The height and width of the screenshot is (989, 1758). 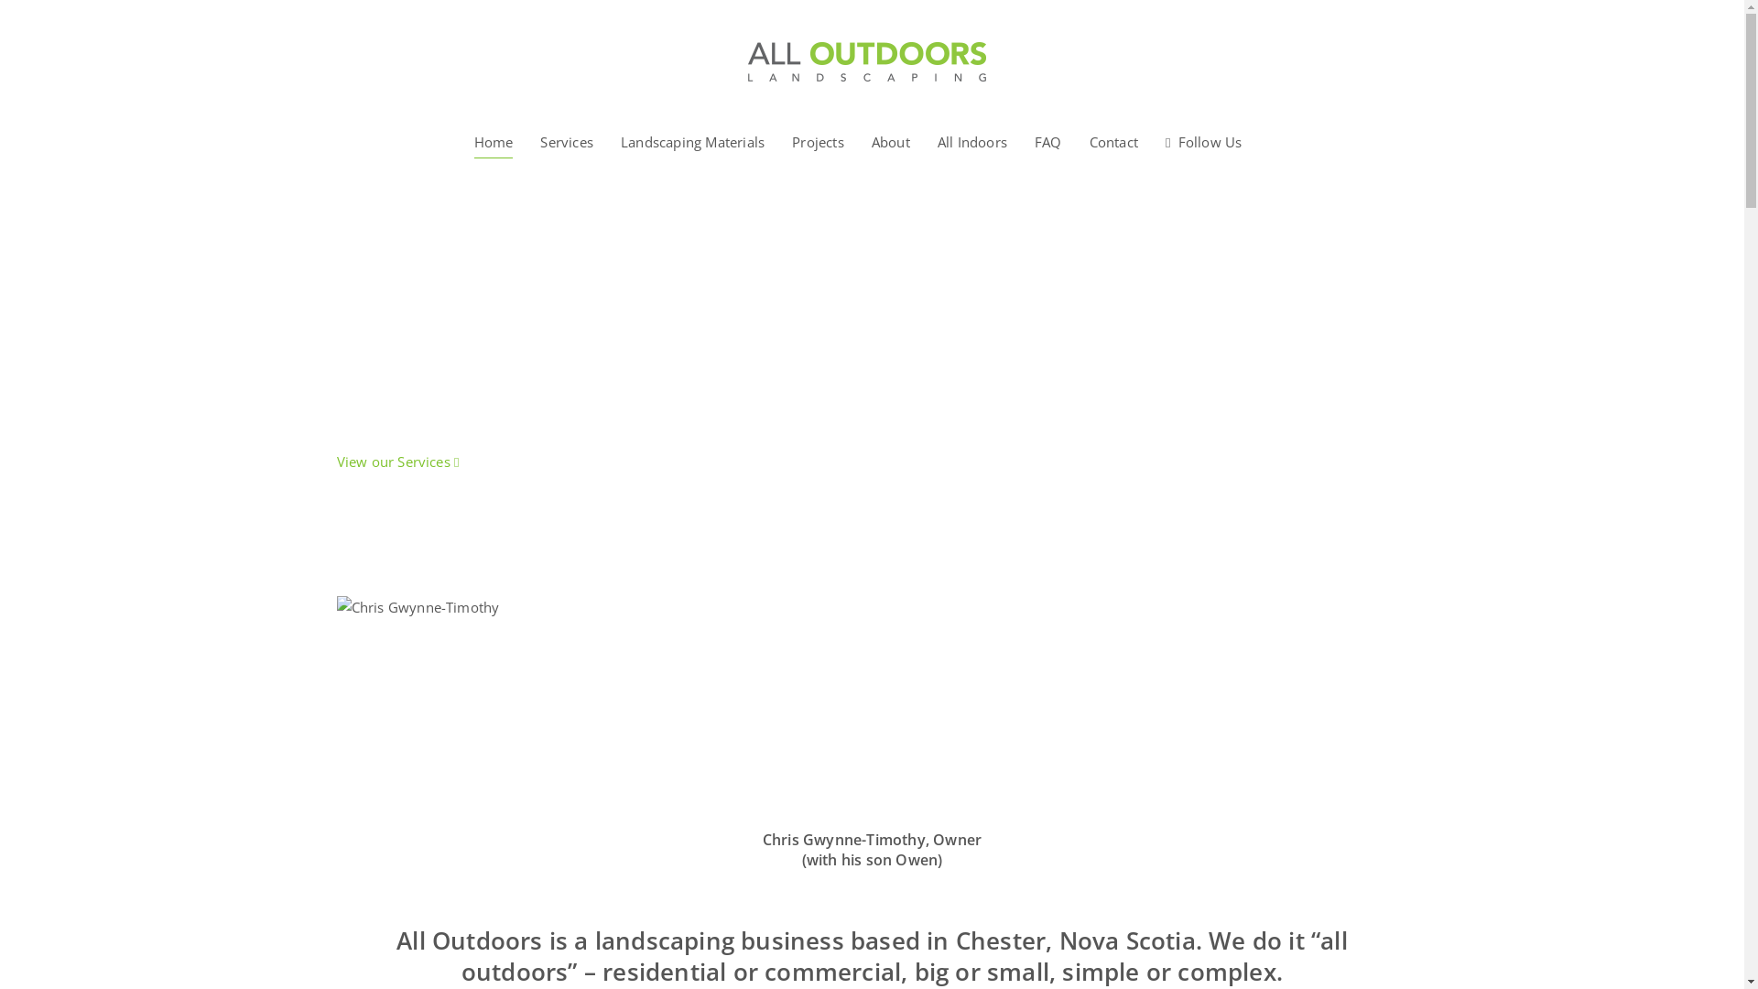 I want to click on 'Contact', so click(x=1112, y=140).